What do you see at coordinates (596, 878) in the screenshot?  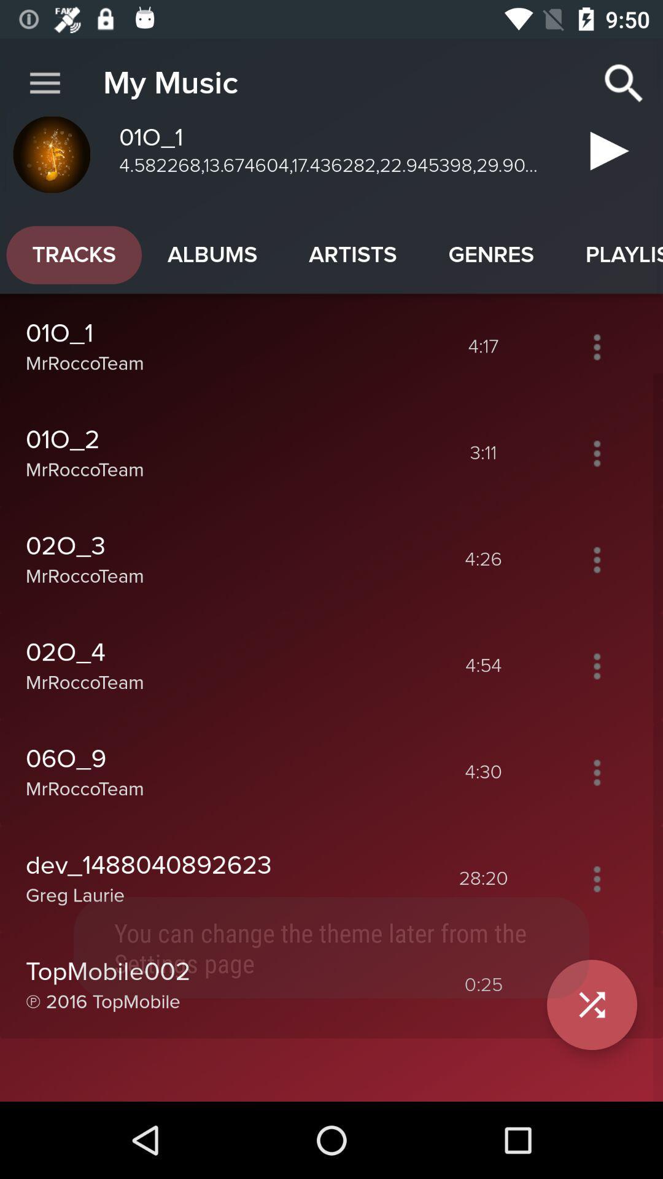 I see `song menu` at bounding box center [596, 878].